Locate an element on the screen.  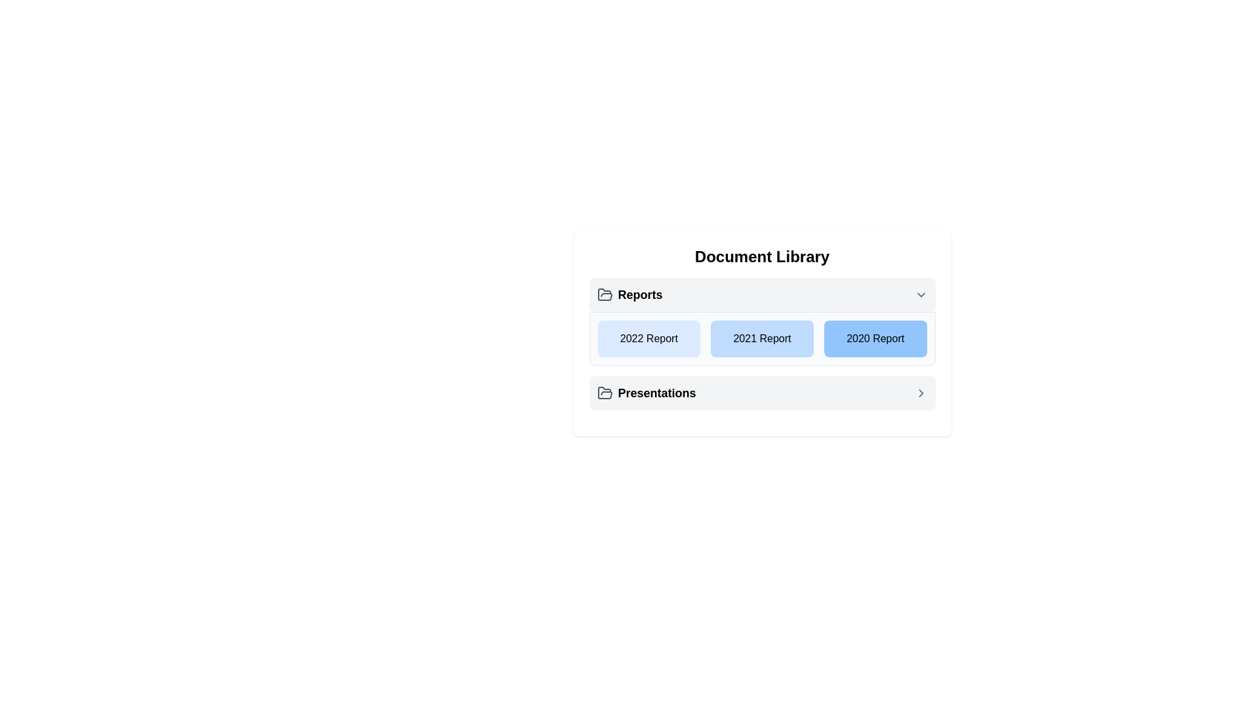
the folder icon located in the 'Presentations' section, which visually represents folders or file categories and precedes the text label 'Presentations' is located at coordinates (604, 393).